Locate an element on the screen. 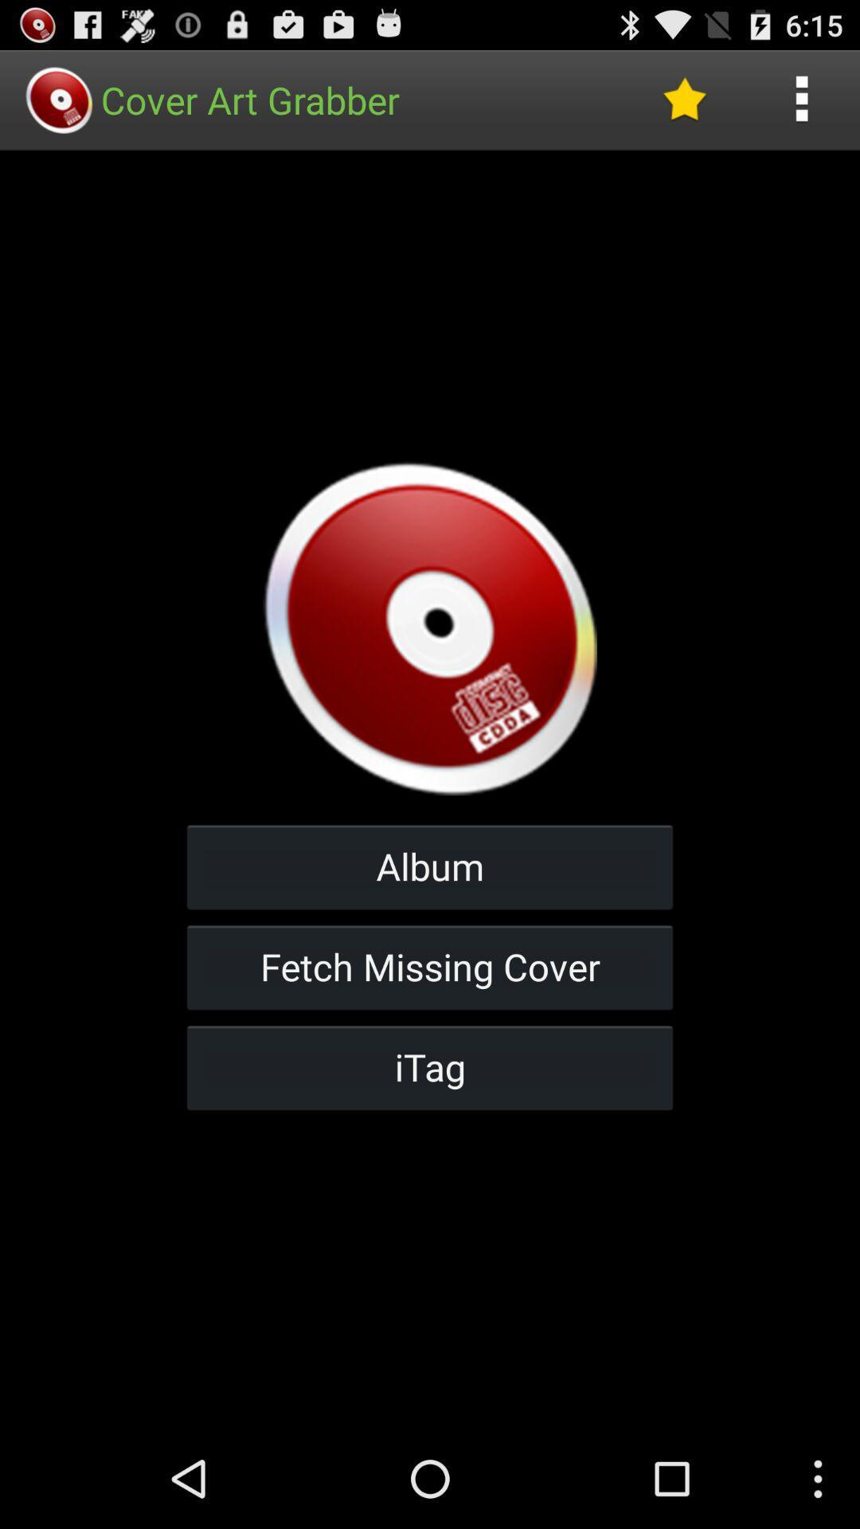 The width and height of the screenshot is (860, 1529). itag icon is located at coordinates (430, 1067).